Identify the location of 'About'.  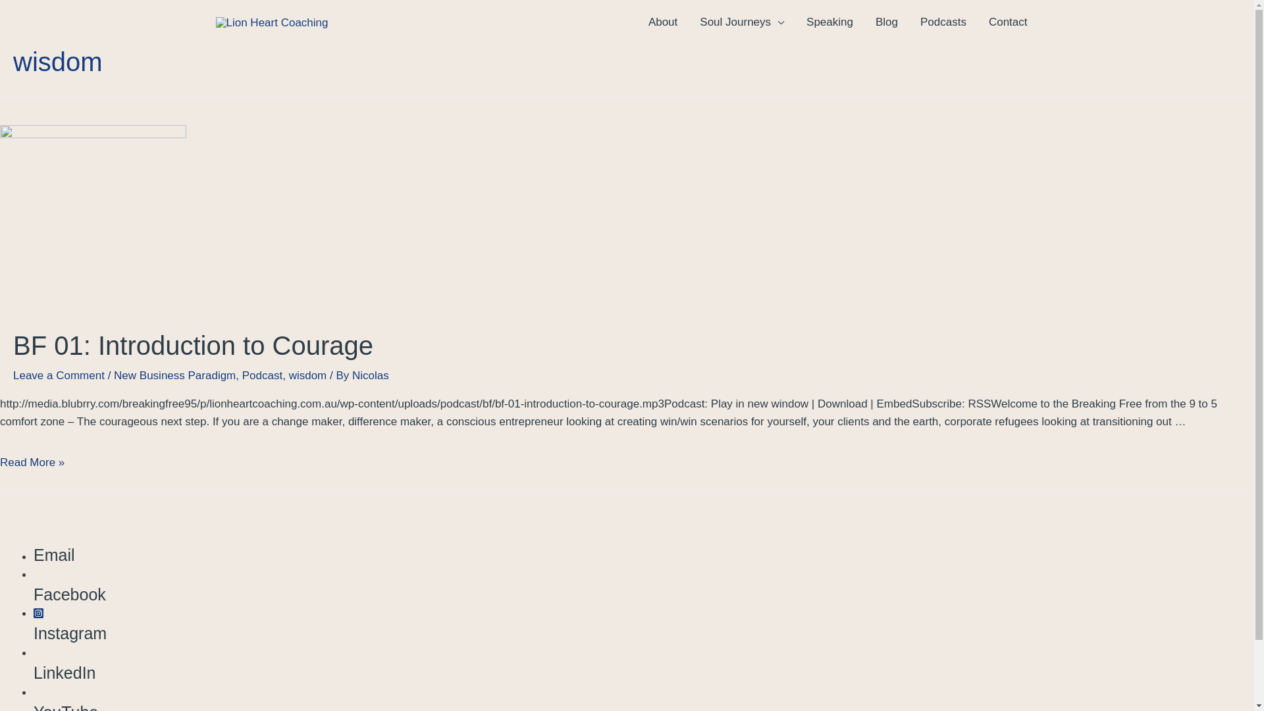
(663, 22).